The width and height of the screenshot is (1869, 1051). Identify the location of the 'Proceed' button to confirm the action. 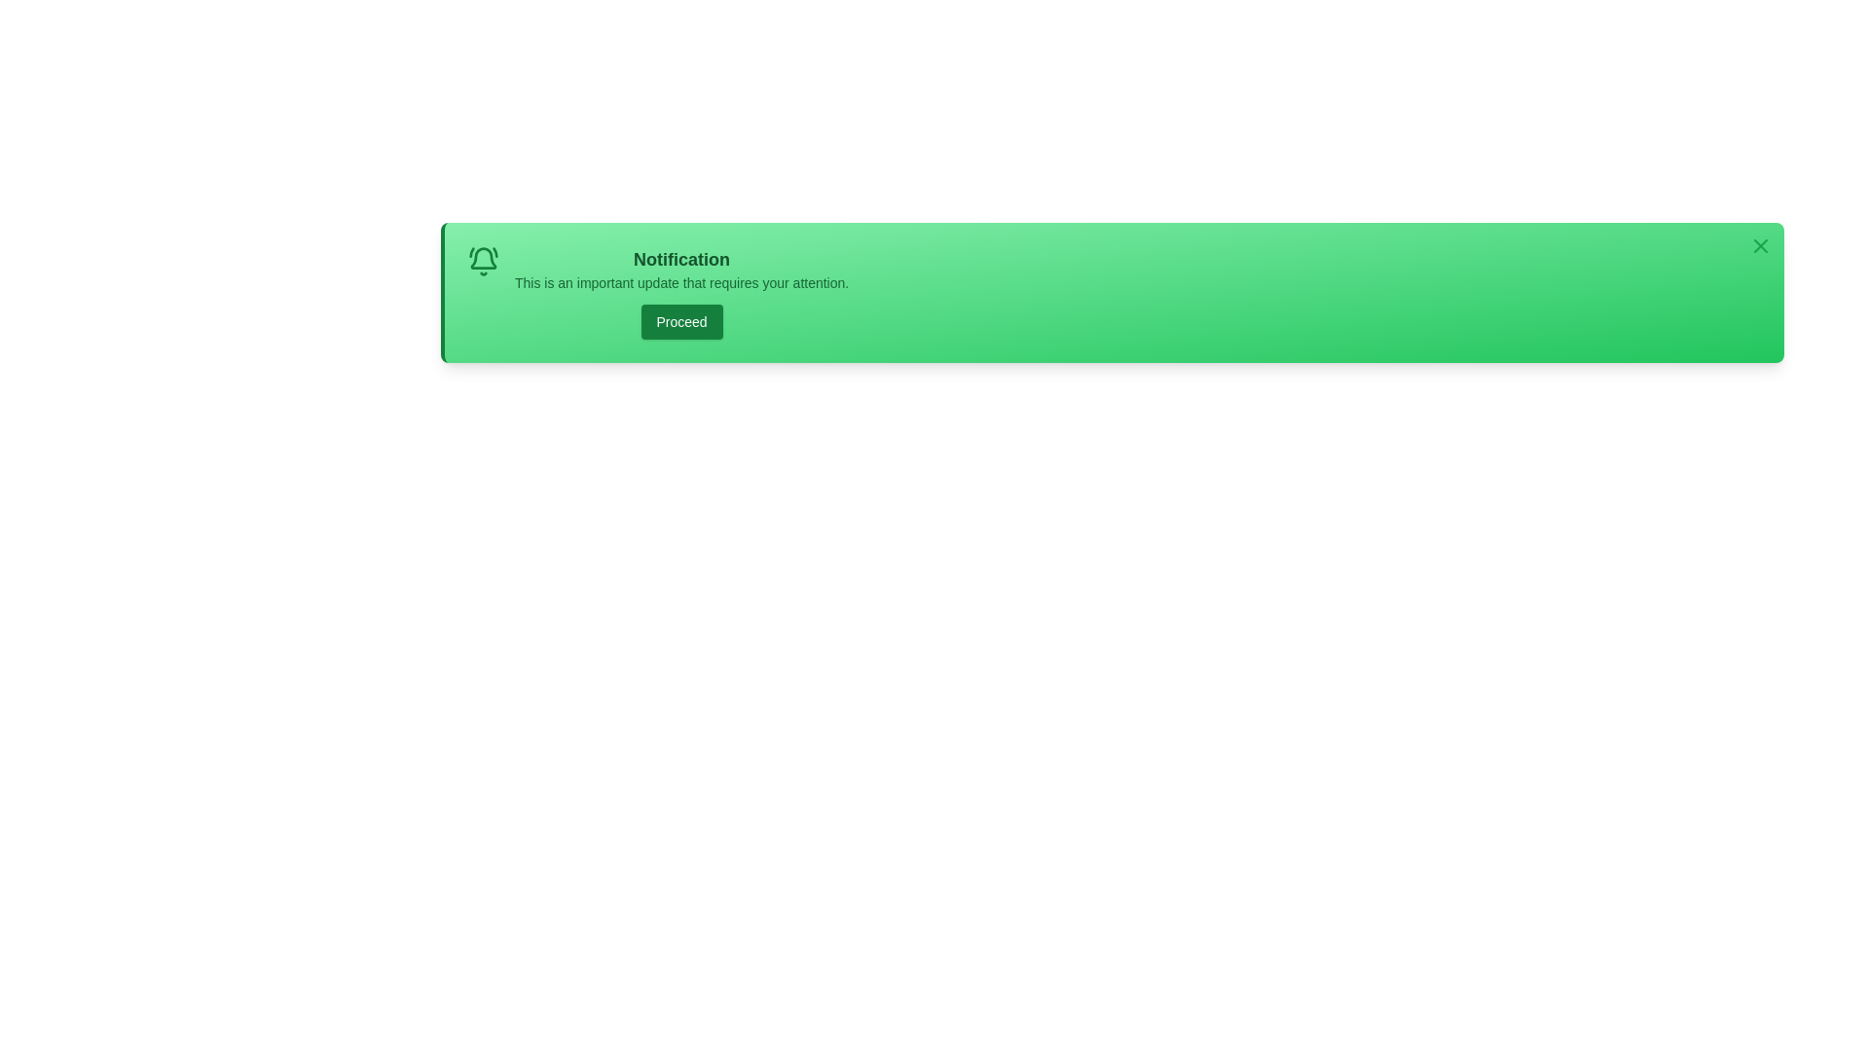
(681, 321).